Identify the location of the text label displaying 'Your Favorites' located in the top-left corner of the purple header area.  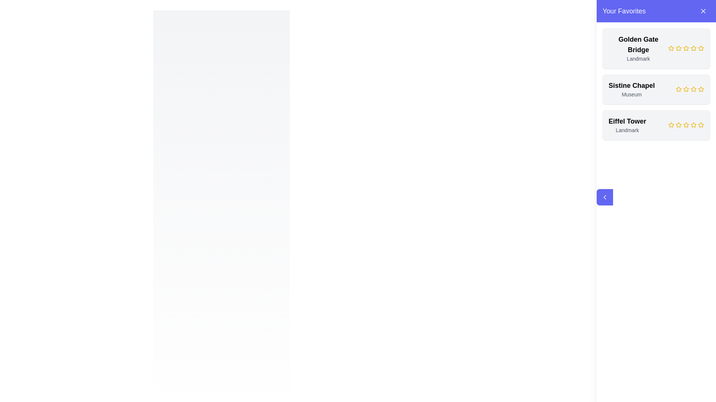
(624, 11).